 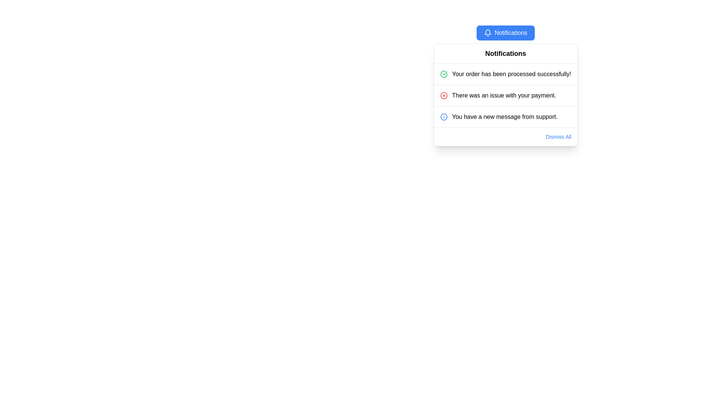 What do you see at coordinates (504, 95) in the screenshot?
I see `error or alert message conveyed by the text label located in the middle row of the notification panel, which follows a success message and precedes an info message` at bounding box center [504, 95].